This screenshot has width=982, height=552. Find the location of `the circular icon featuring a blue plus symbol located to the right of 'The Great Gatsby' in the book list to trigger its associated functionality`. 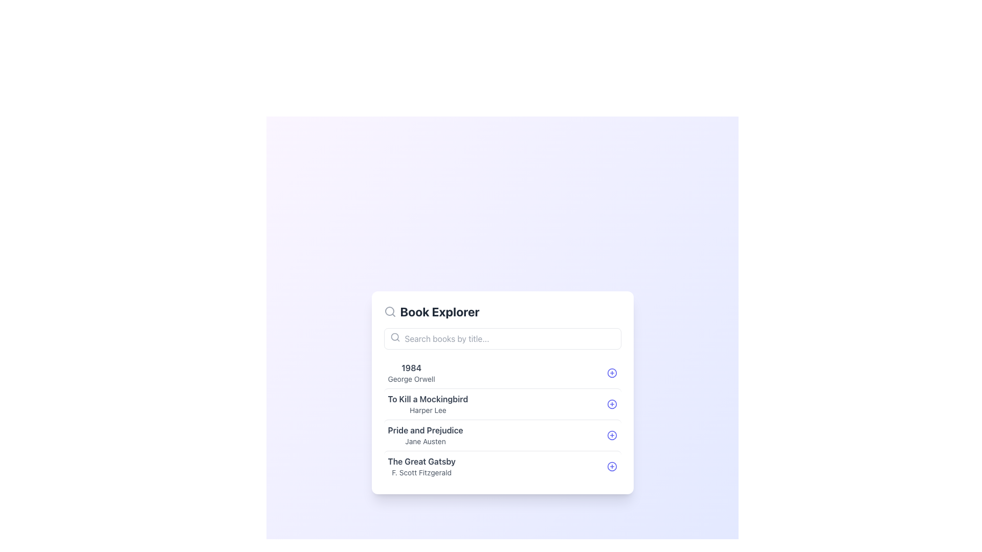

the circular icon featuring a blue plus symbol located to the right of 'The Great Gatsby' in the book list to trigger its associated functionality is located at coordinates (612, 466).